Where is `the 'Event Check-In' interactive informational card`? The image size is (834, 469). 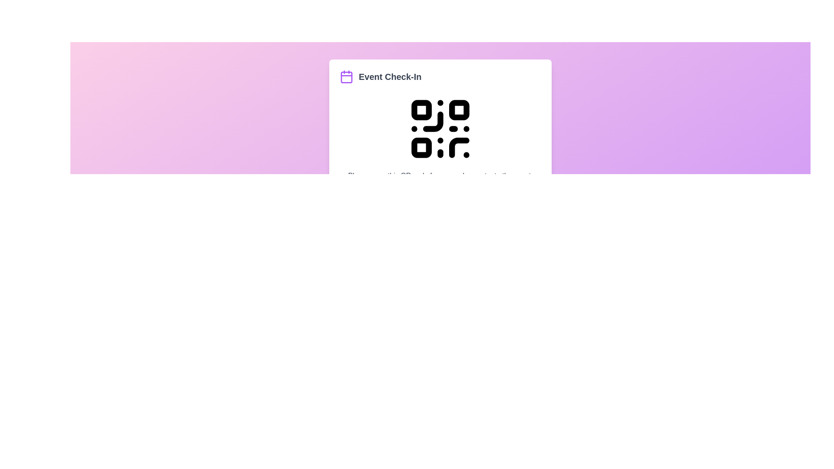
the 'Event Check-In' interactive informational card is located at coordinates (440, 144).